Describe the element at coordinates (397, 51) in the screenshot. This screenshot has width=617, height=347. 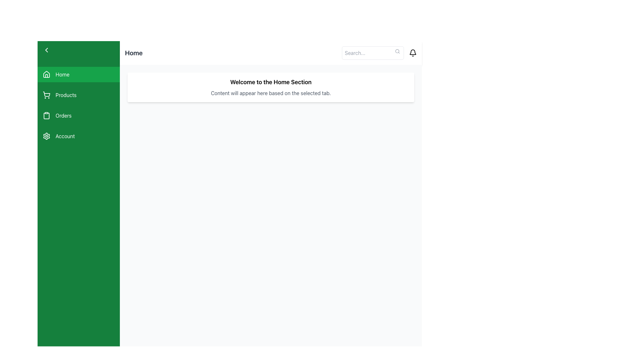
I see `the circular part of the search icon located near the top-right corner of the user interface` at that location.